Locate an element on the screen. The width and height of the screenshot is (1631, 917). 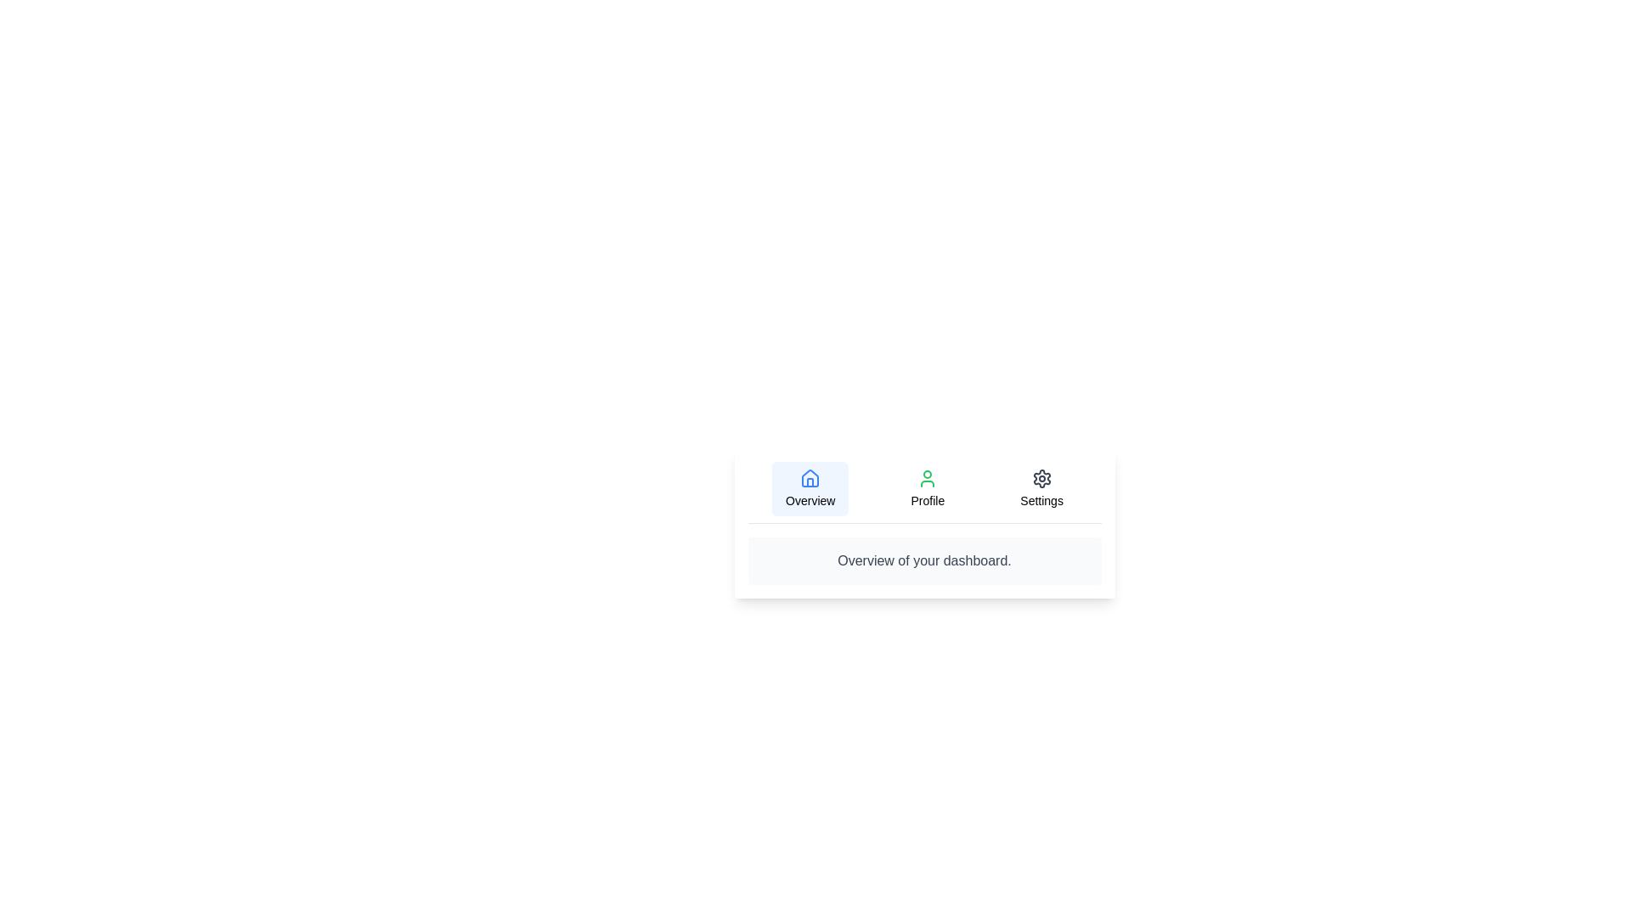
the Overview tab to switch views is located at coordinates (810, 488).